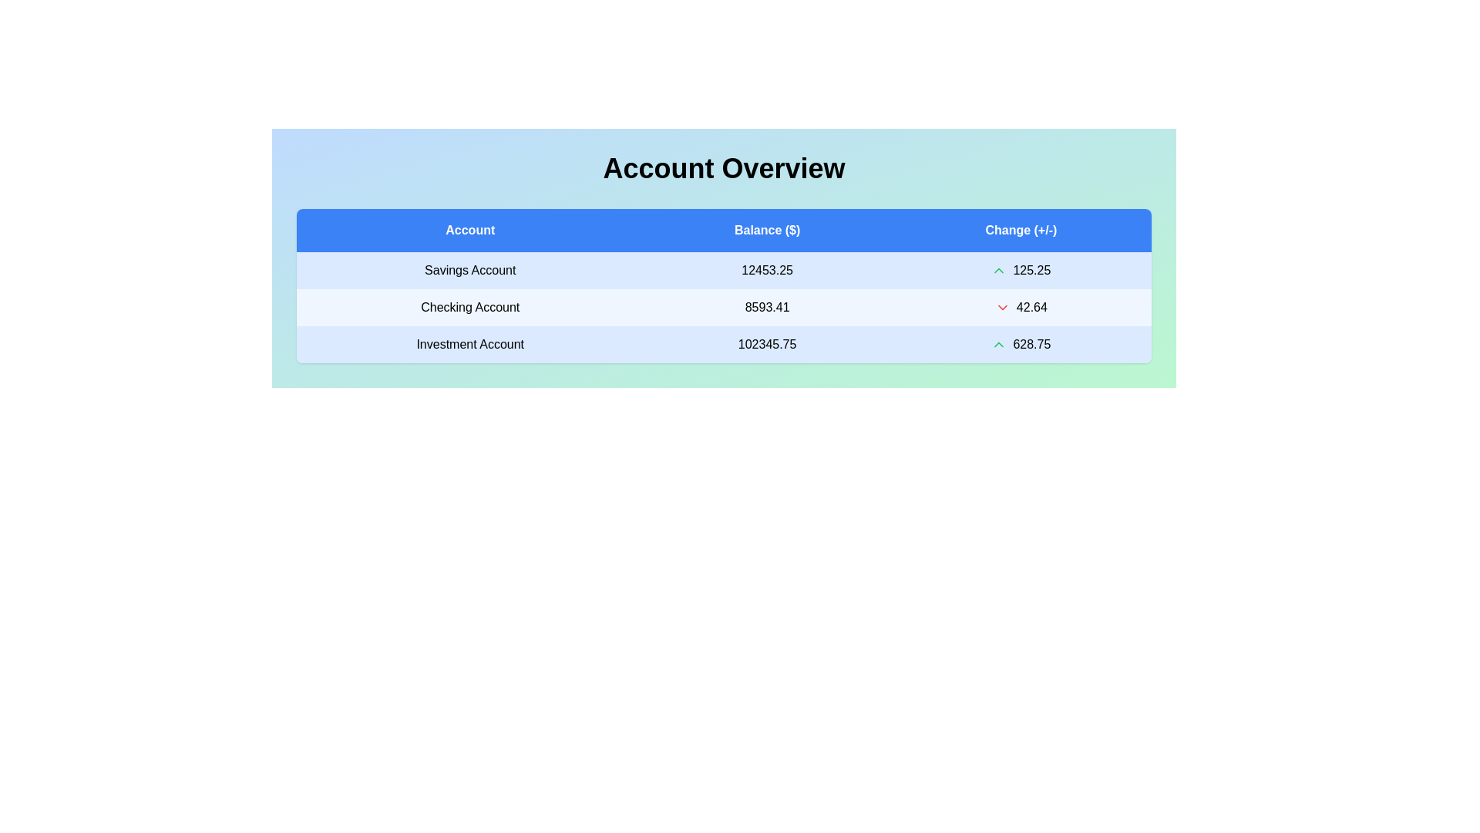 This screenshot has height=833, width=1480. I want to click on the row corresponding to Investment Account to view its details, so click(469, 344).